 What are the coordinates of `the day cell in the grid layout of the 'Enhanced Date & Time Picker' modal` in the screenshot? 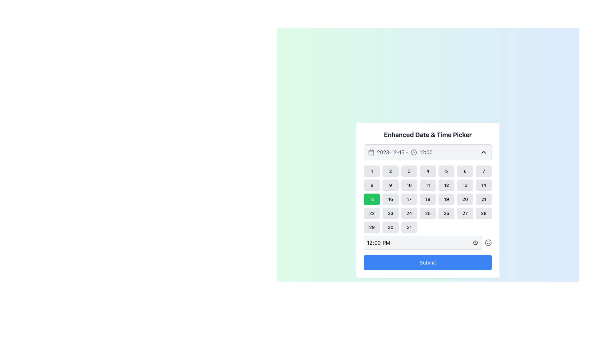 It's located at (428, 208).